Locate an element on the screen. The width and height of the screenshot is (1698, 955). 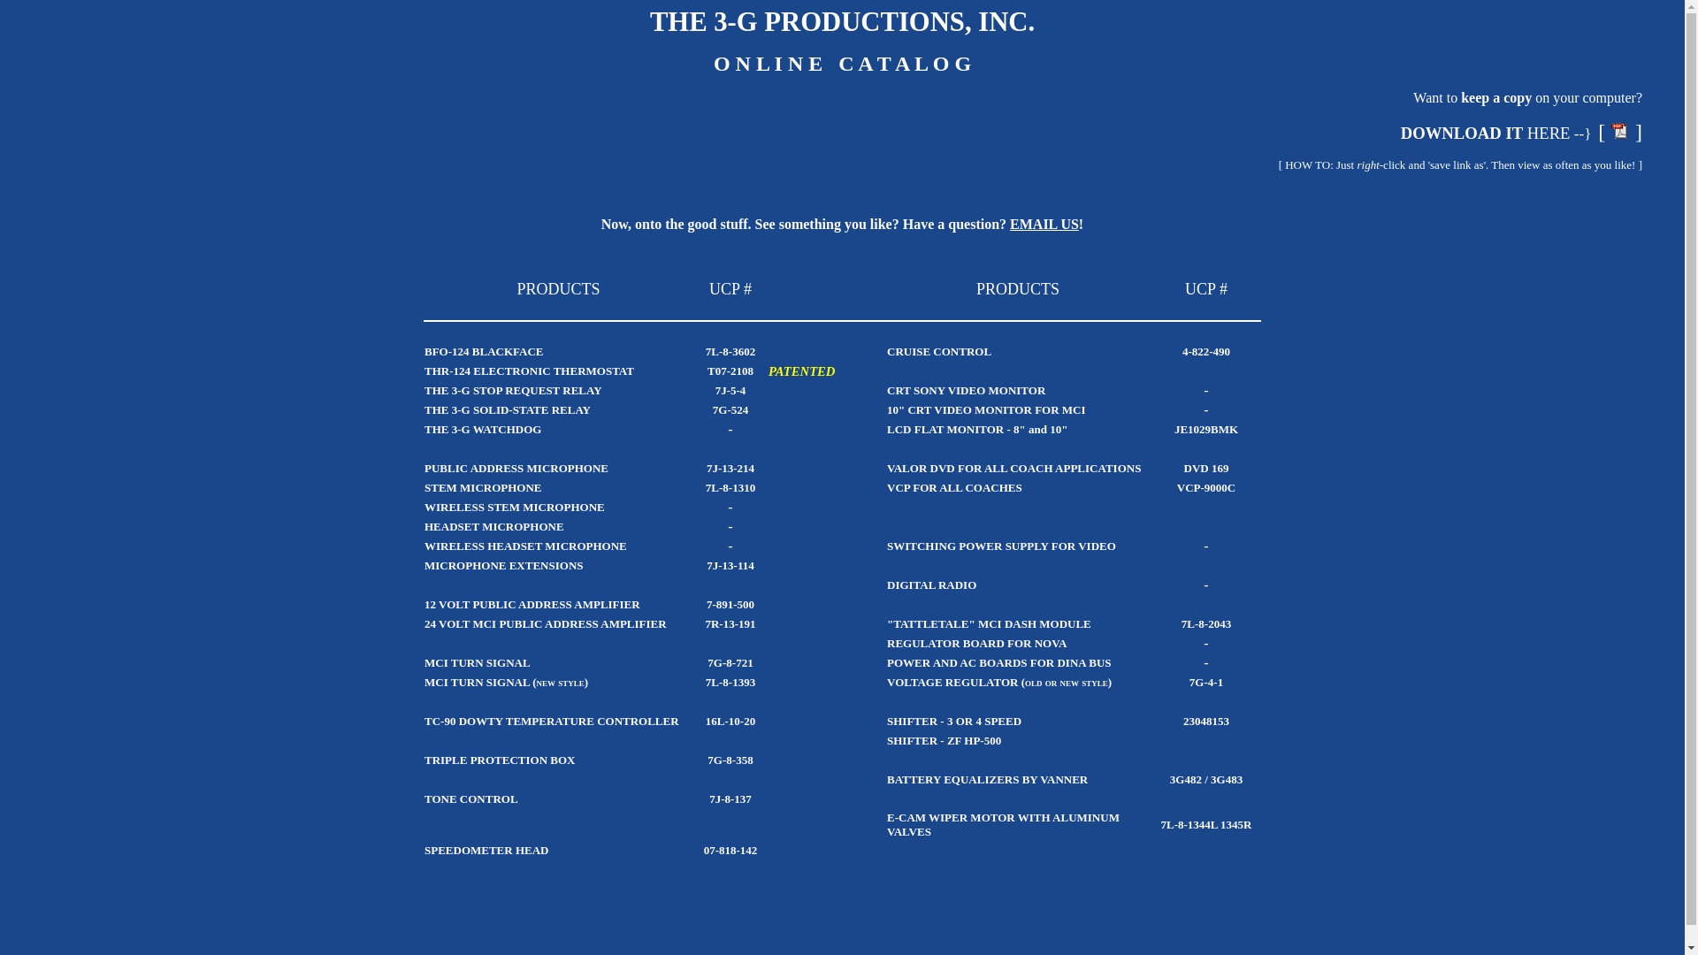
'CRUISE CONTROL' is located at coordinates (937, 351).